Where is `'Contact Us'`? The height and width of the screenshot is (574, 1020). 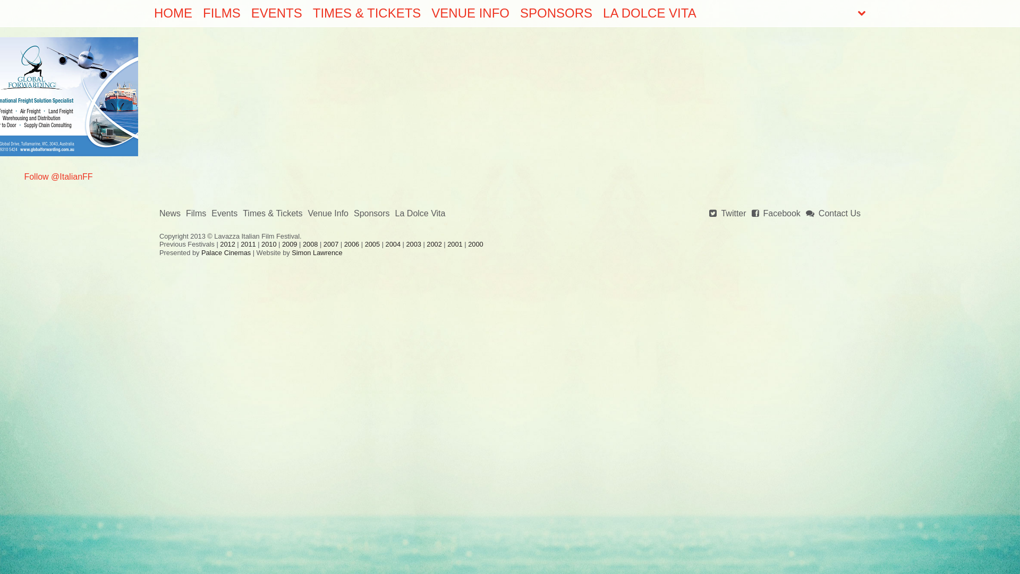
'Contact Us' is located at coordinates (832, 214).